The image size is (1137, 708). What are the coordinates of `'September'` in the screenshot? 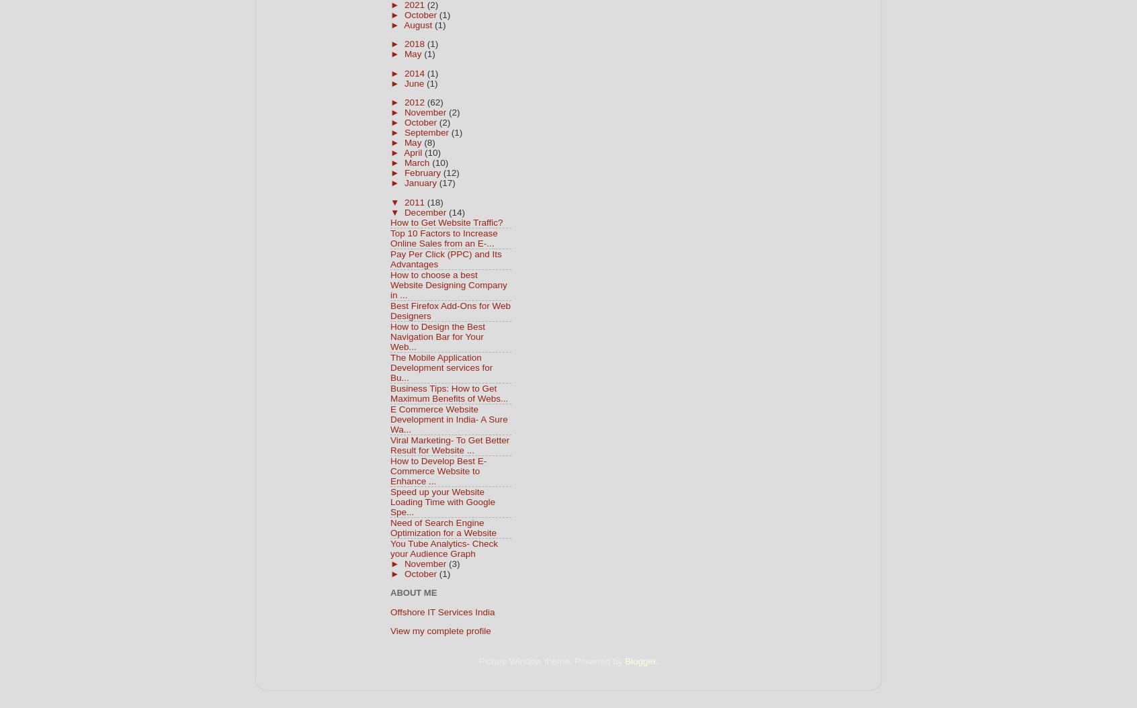 It's located at (427, 132).